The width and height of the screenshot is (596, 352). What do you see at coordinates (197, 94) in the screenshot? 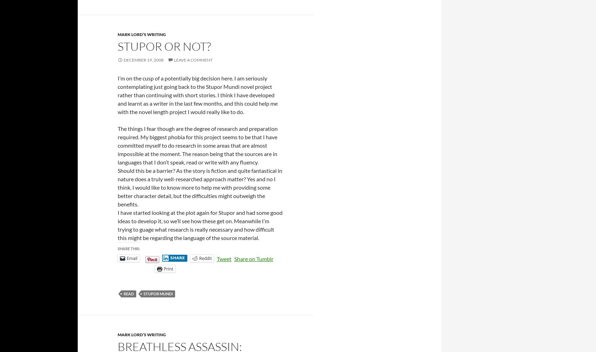
I see `'I’m on the cusp of a potentially big decision here. I am seriously contemplating just going back to the Stupor Mundi novel project rather than continuing with short stories. I think I have developed and learnt as a writer in the last few months, and this could help me with the novel length project I would really like to do.'` at bounding box center [197, 94].